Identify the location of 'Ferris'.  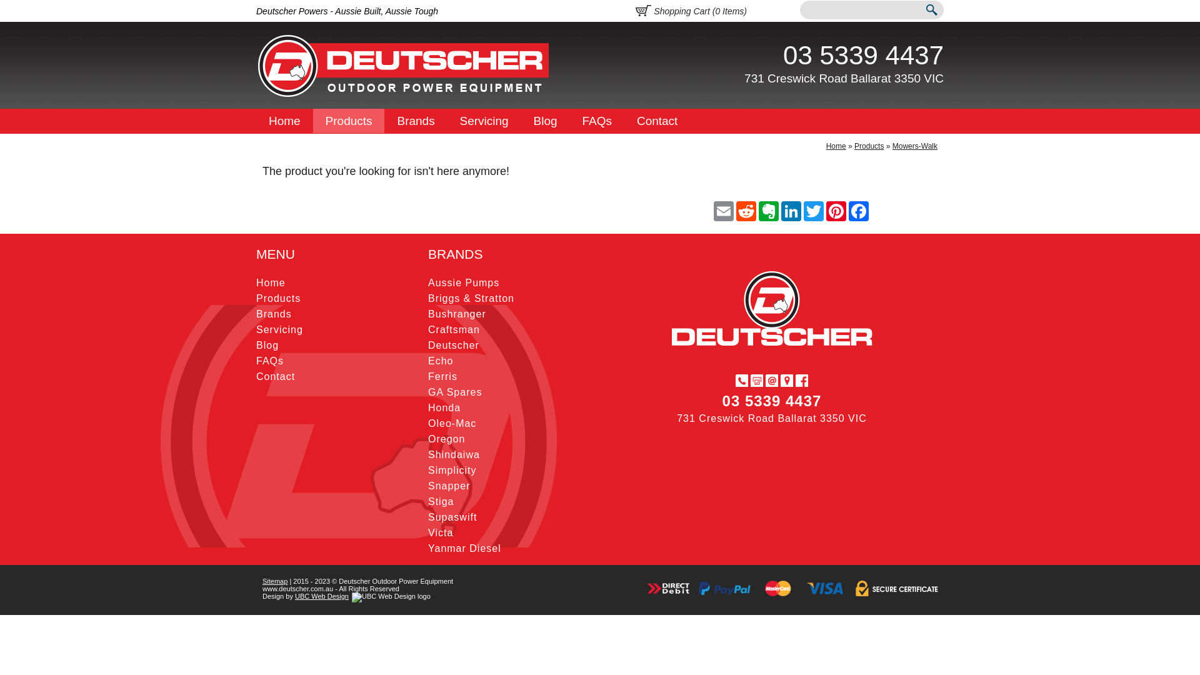
(442, 376).